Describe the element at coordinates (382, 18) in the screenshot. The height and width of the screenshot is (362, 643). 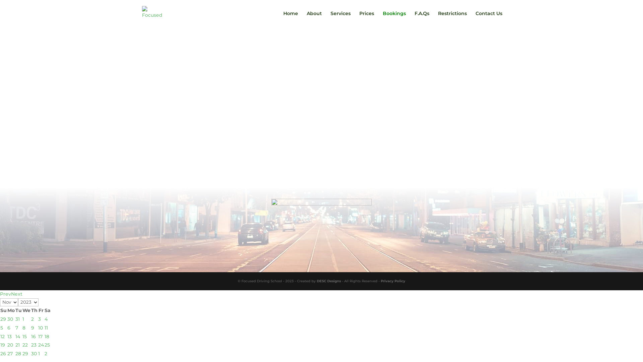
I see `'Bookings'` at that location.